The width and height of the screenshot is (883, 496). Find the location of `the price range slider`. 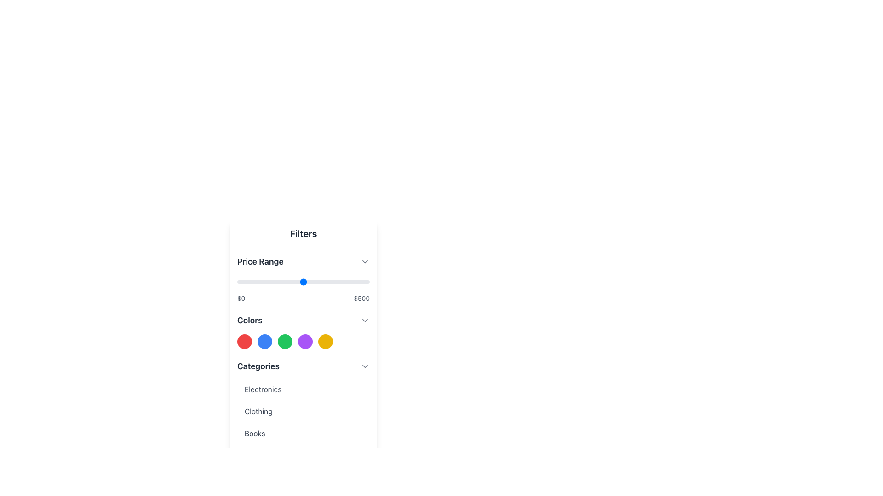

the price range slider is located at coordinates (307, 281).